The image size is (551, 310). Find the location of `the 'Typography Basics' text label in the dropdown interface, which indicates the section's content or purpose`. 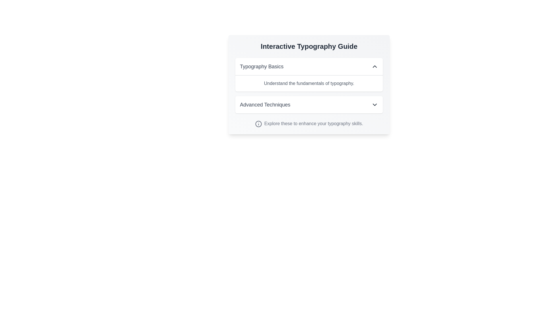

the 'Typography Basics' text label in the dropdown interface, which indicates the section's content or purpose is located at coordinates (261, 66).